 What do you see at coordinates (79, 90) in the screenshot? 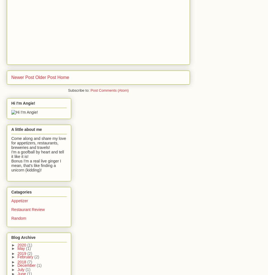
I see `'Subscribe to:'` at bounding box center [79, 90].